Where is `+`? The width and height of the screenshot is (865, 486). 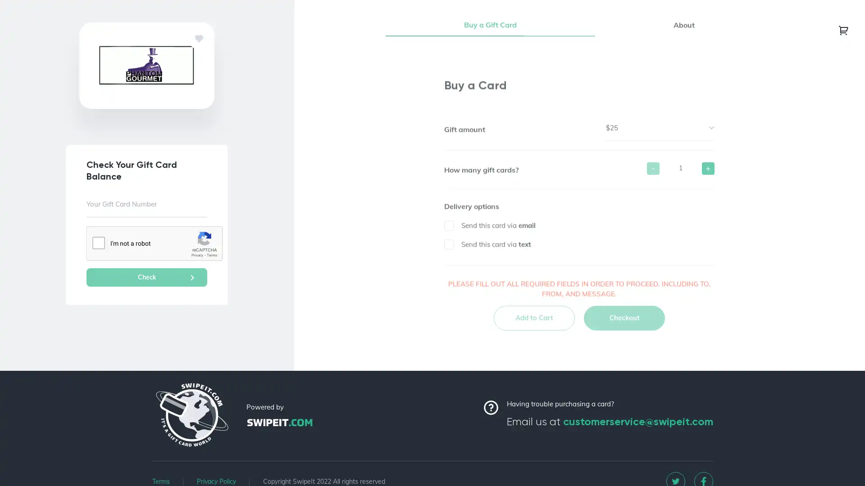 + is located at coordinates (707, 173).